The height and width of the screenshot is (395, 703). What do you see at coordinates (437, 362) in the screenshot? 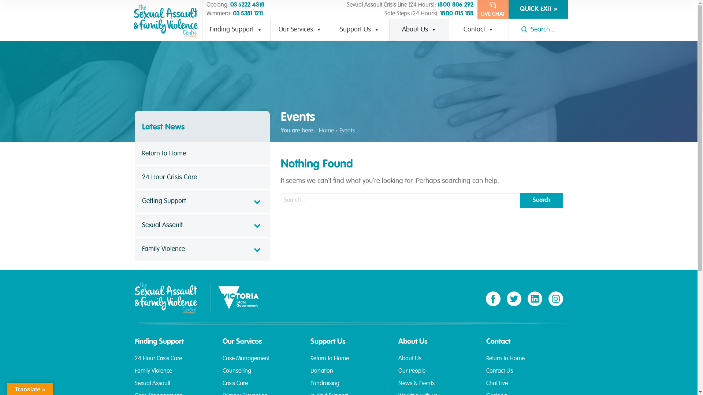
I see `'About Us'` at bounding box center [437, 362].